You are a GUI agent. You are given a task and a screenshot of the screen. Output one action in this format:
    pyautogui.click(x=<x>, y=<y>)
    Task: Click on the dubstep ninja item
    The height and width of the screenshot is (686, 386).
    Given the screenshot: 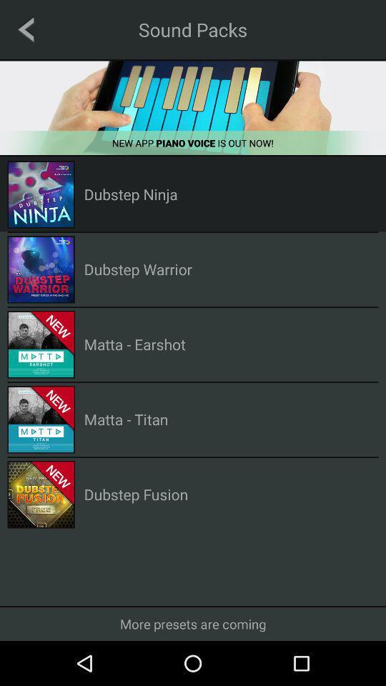 What is the action you would take?
    pyautogui.click(x=131, y=193)
    